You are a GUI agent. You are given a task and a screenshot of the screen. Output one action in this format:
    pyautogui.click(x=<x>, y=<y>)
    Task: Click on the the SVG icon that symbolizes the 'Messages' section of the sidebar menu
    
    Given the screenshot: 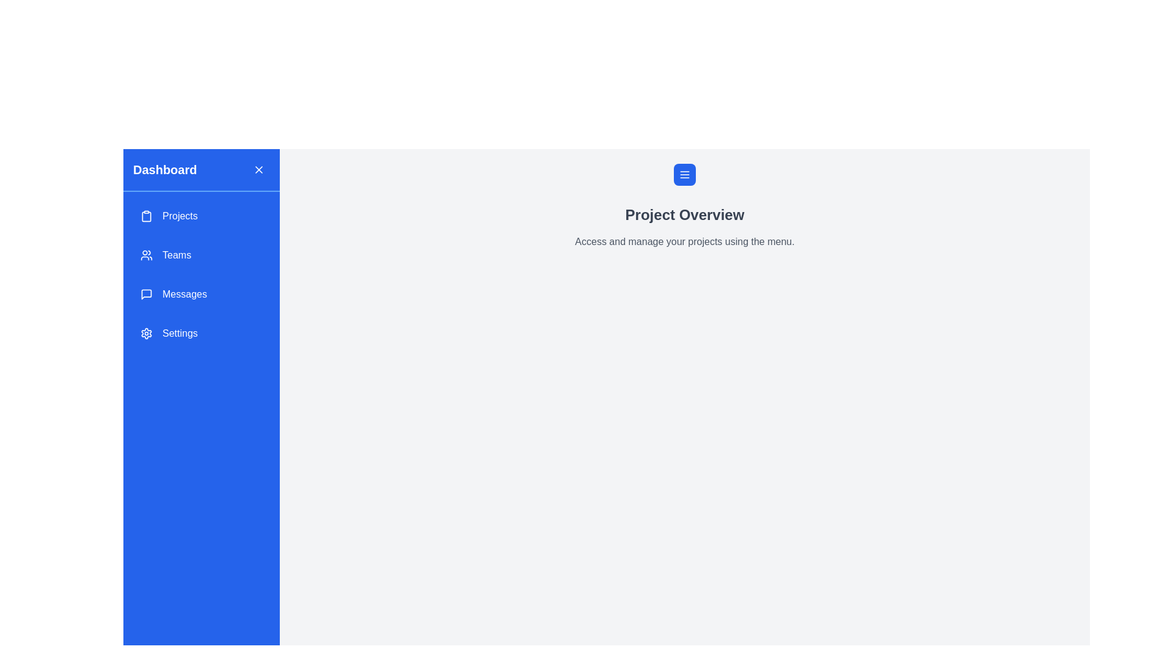 What is the action you would take?
    pyautogui.click(x=147, y=295)
    